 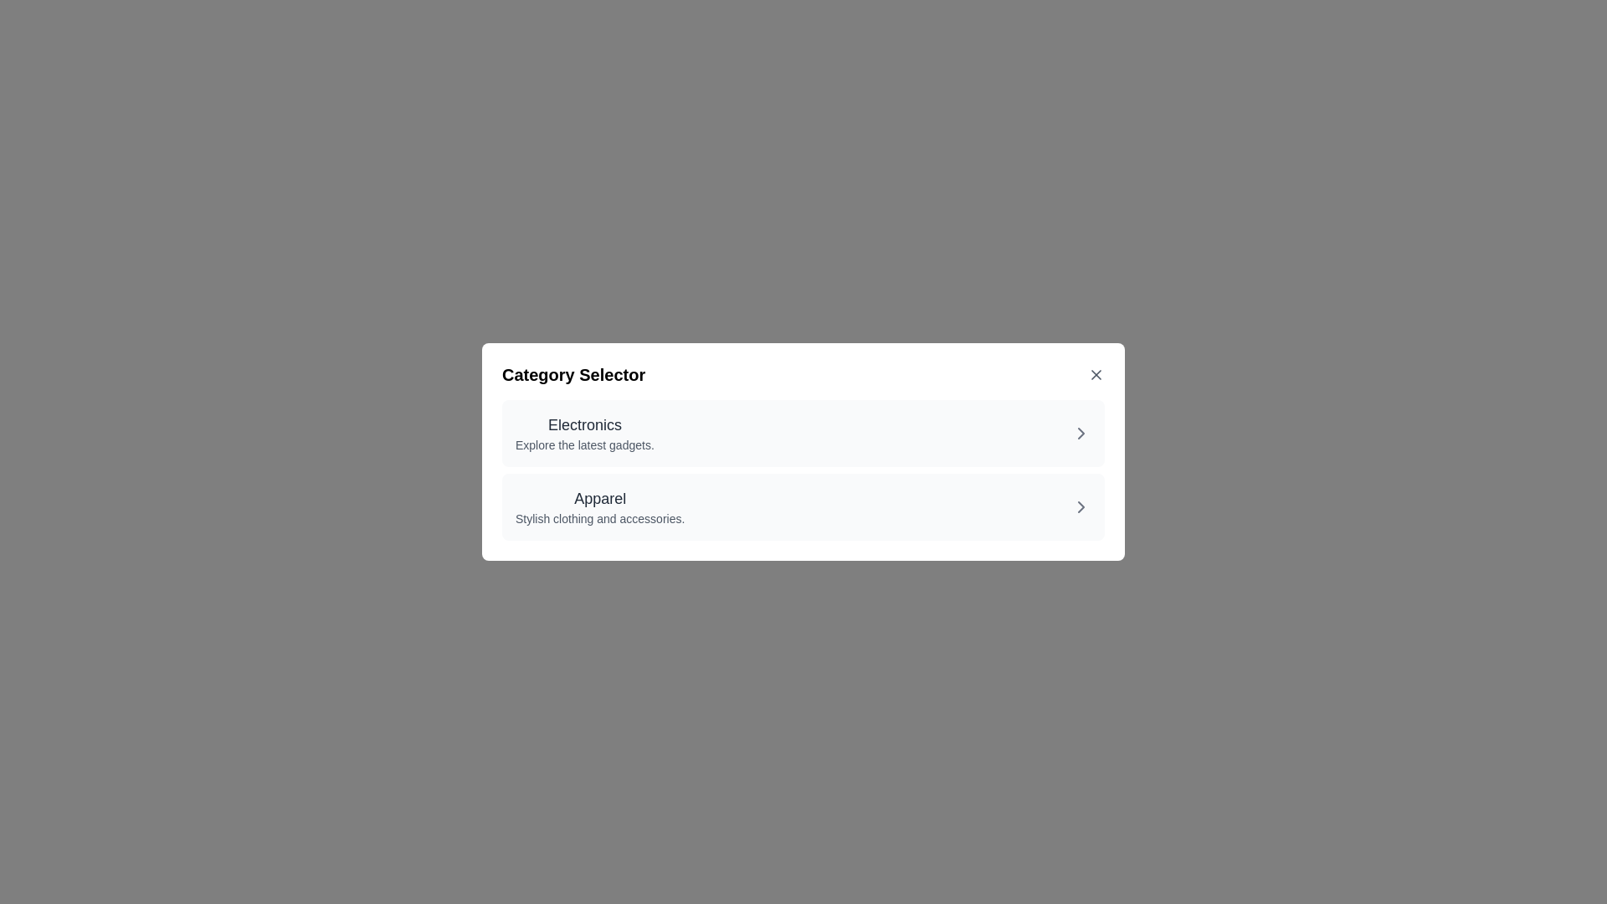 I want to click on the text label indicating the category 'Apparel', which is the first line of text in the 'Category Selector' section, so click(x=600, y=498).